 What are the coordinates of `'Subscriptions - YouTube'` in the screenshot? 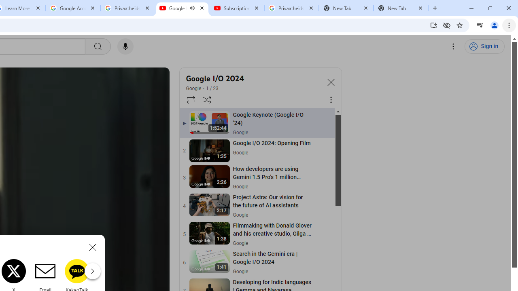 It's located at (236, 8).